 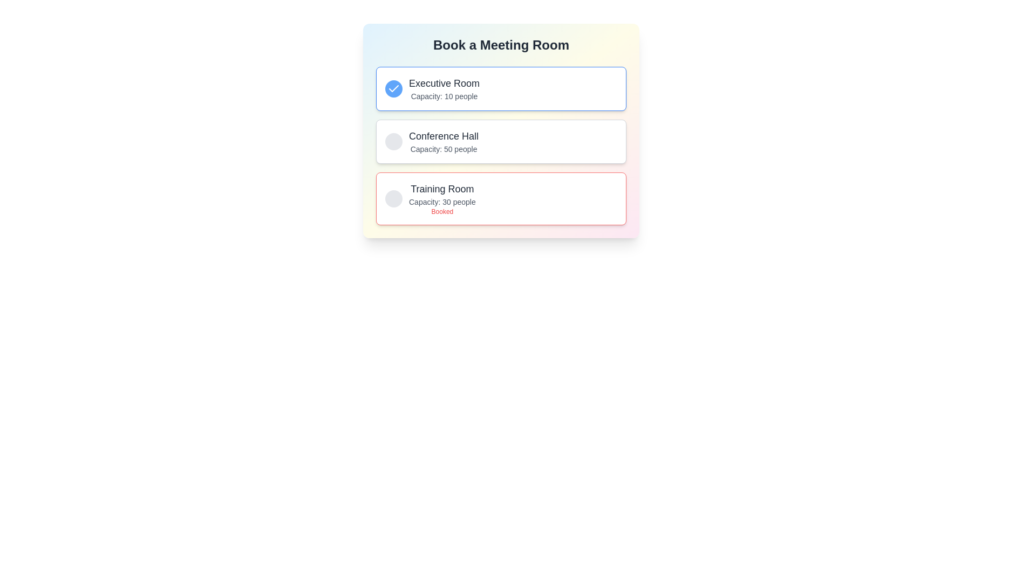 What do you see at coordinates (393, 88) in the screenshot?
I see `the selection indicator icon for the 'Executive Room'` at bounding box center [393, 88].